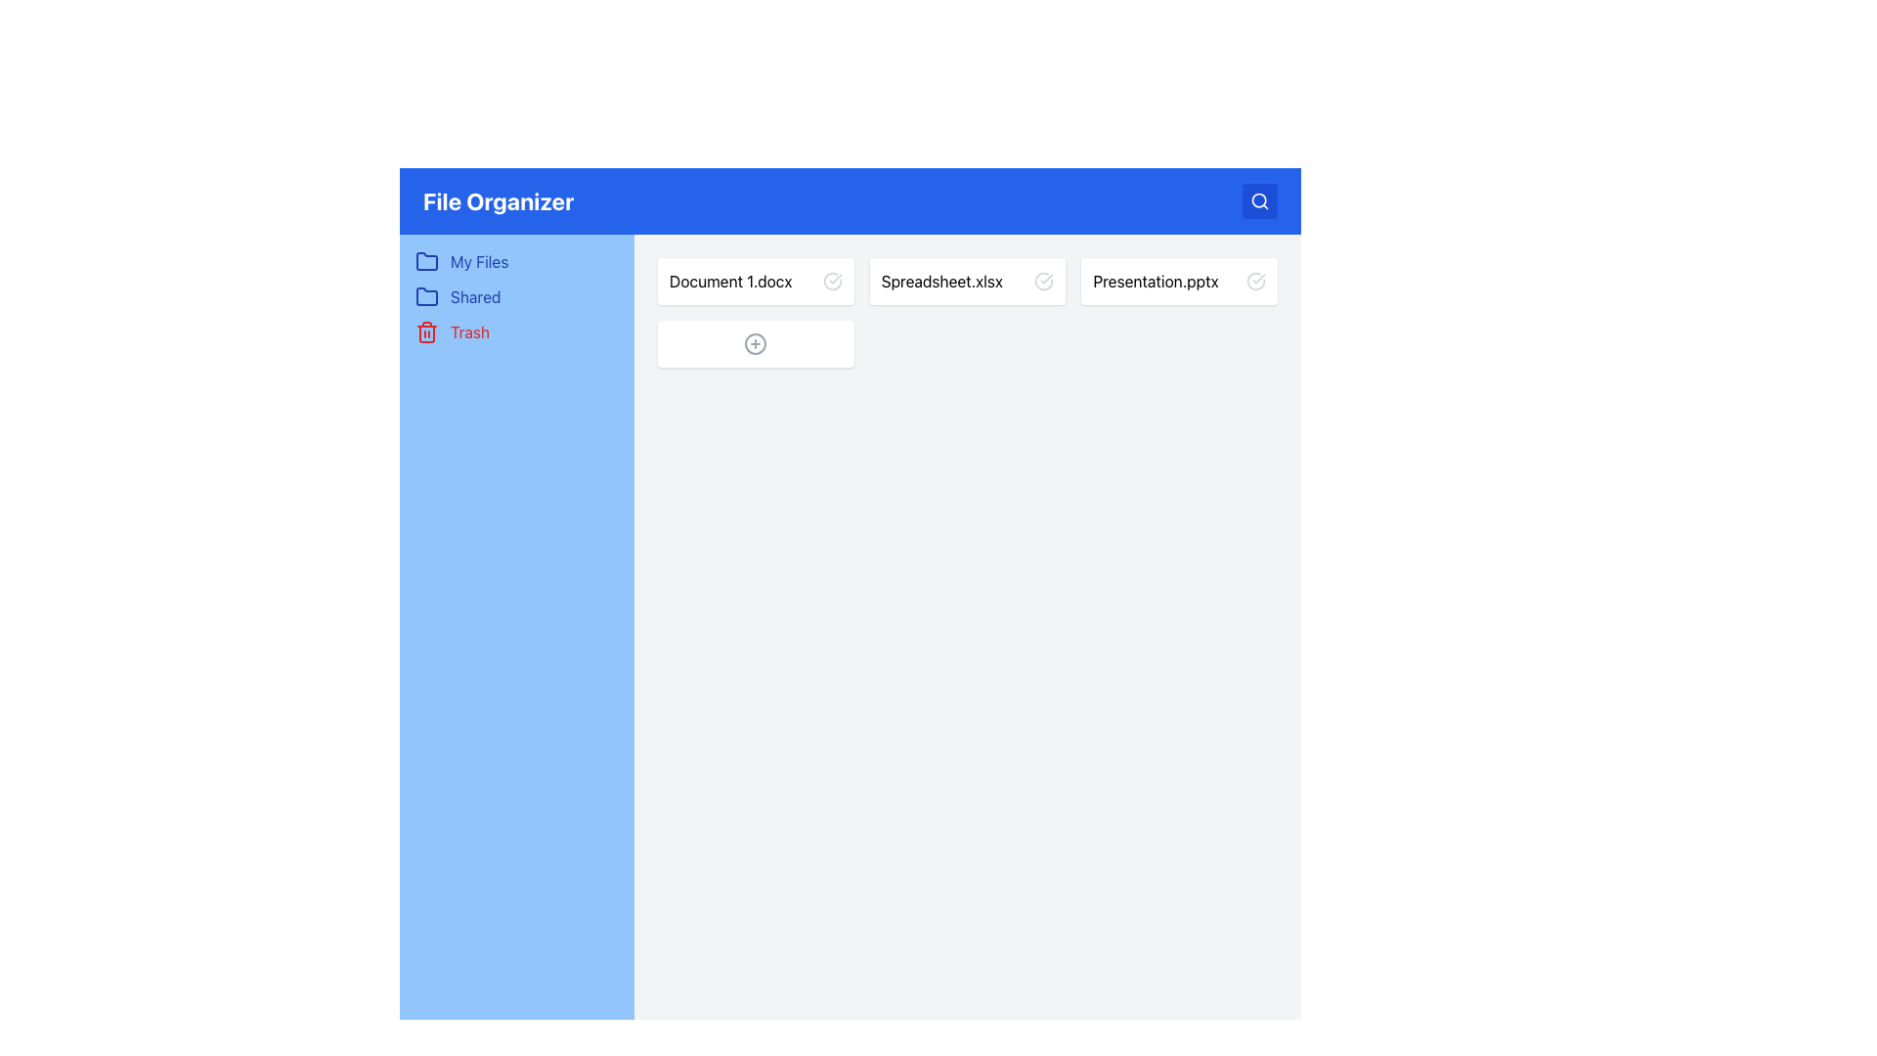 This screenshot has width=1877, height=1056. What do you see at coordinates (425, 330) in the screenshot?
I see `the red trash can icon located in the left-side navigation menu, which is positioned next to the 'Trash' text` at bounding box center [425, 330].